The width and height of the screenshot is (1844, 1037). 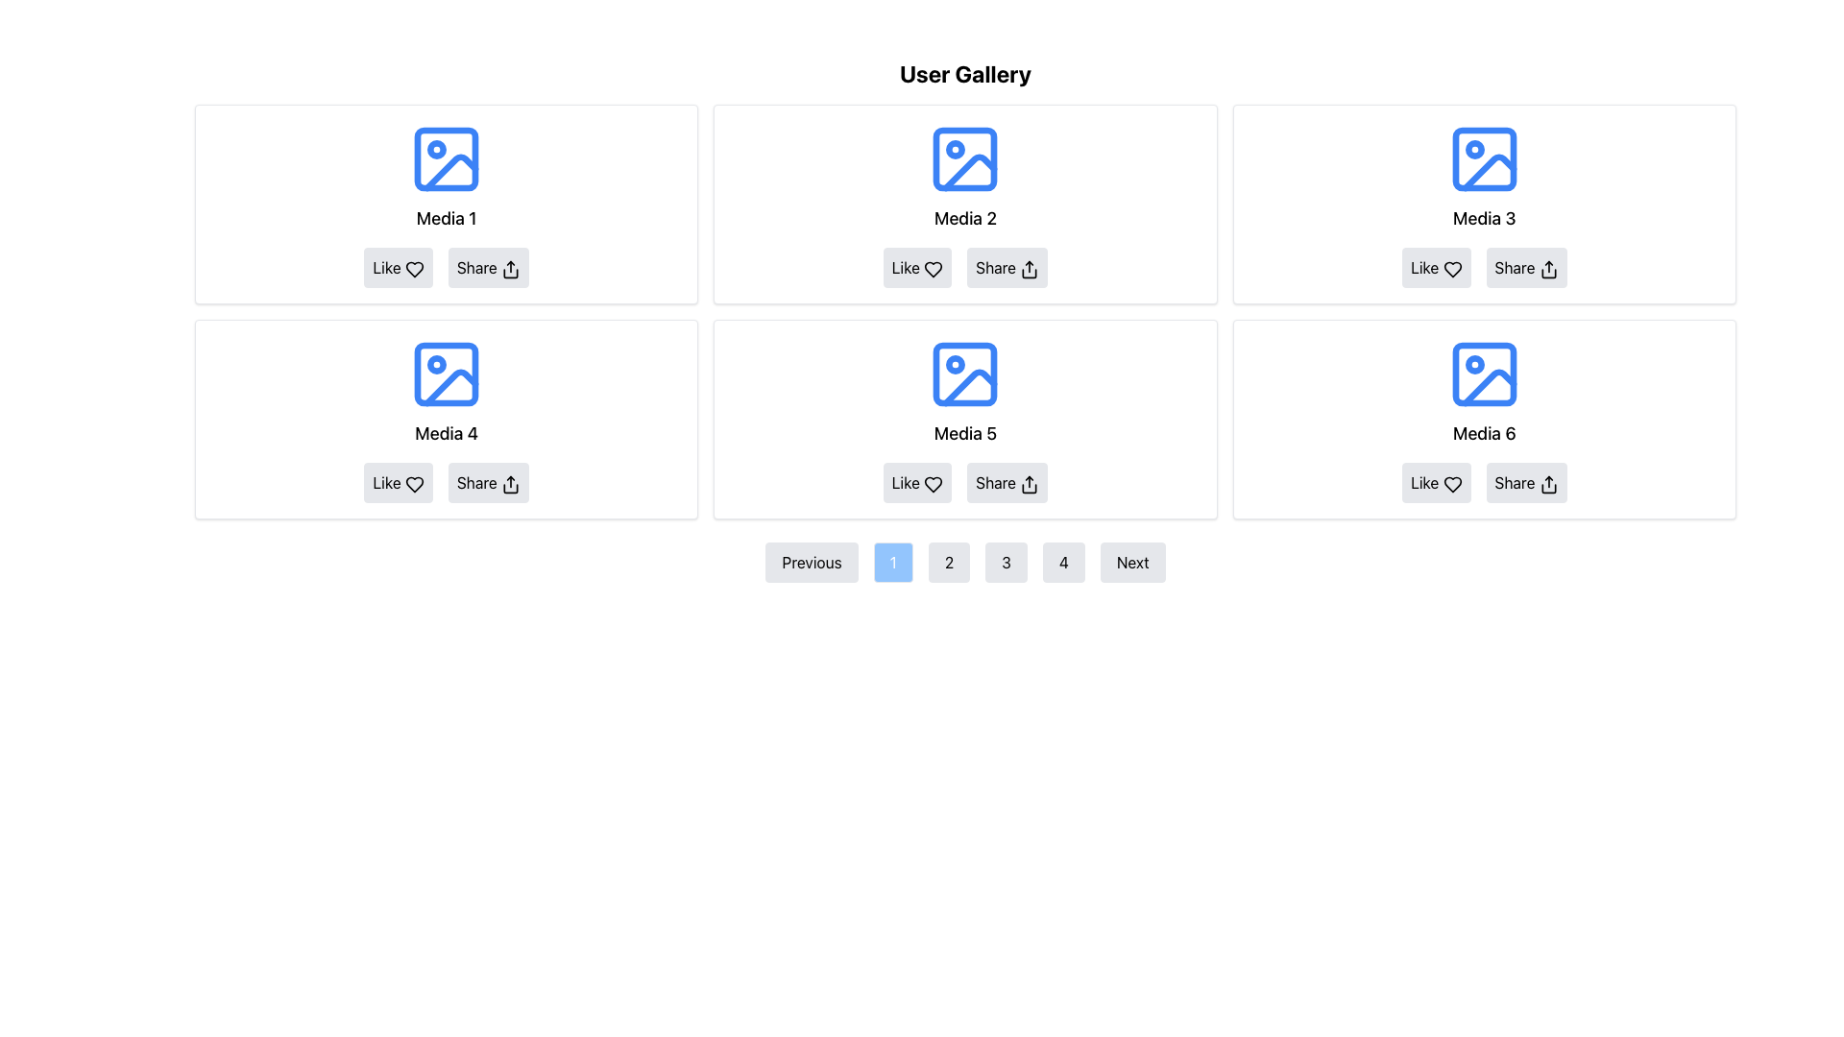 I want to click on the media icon in the second row and first column of the 'Media 4' grid, which features a blue outline, a sun shape in the top left, and a mountain shape, so click(x=446, y=374).